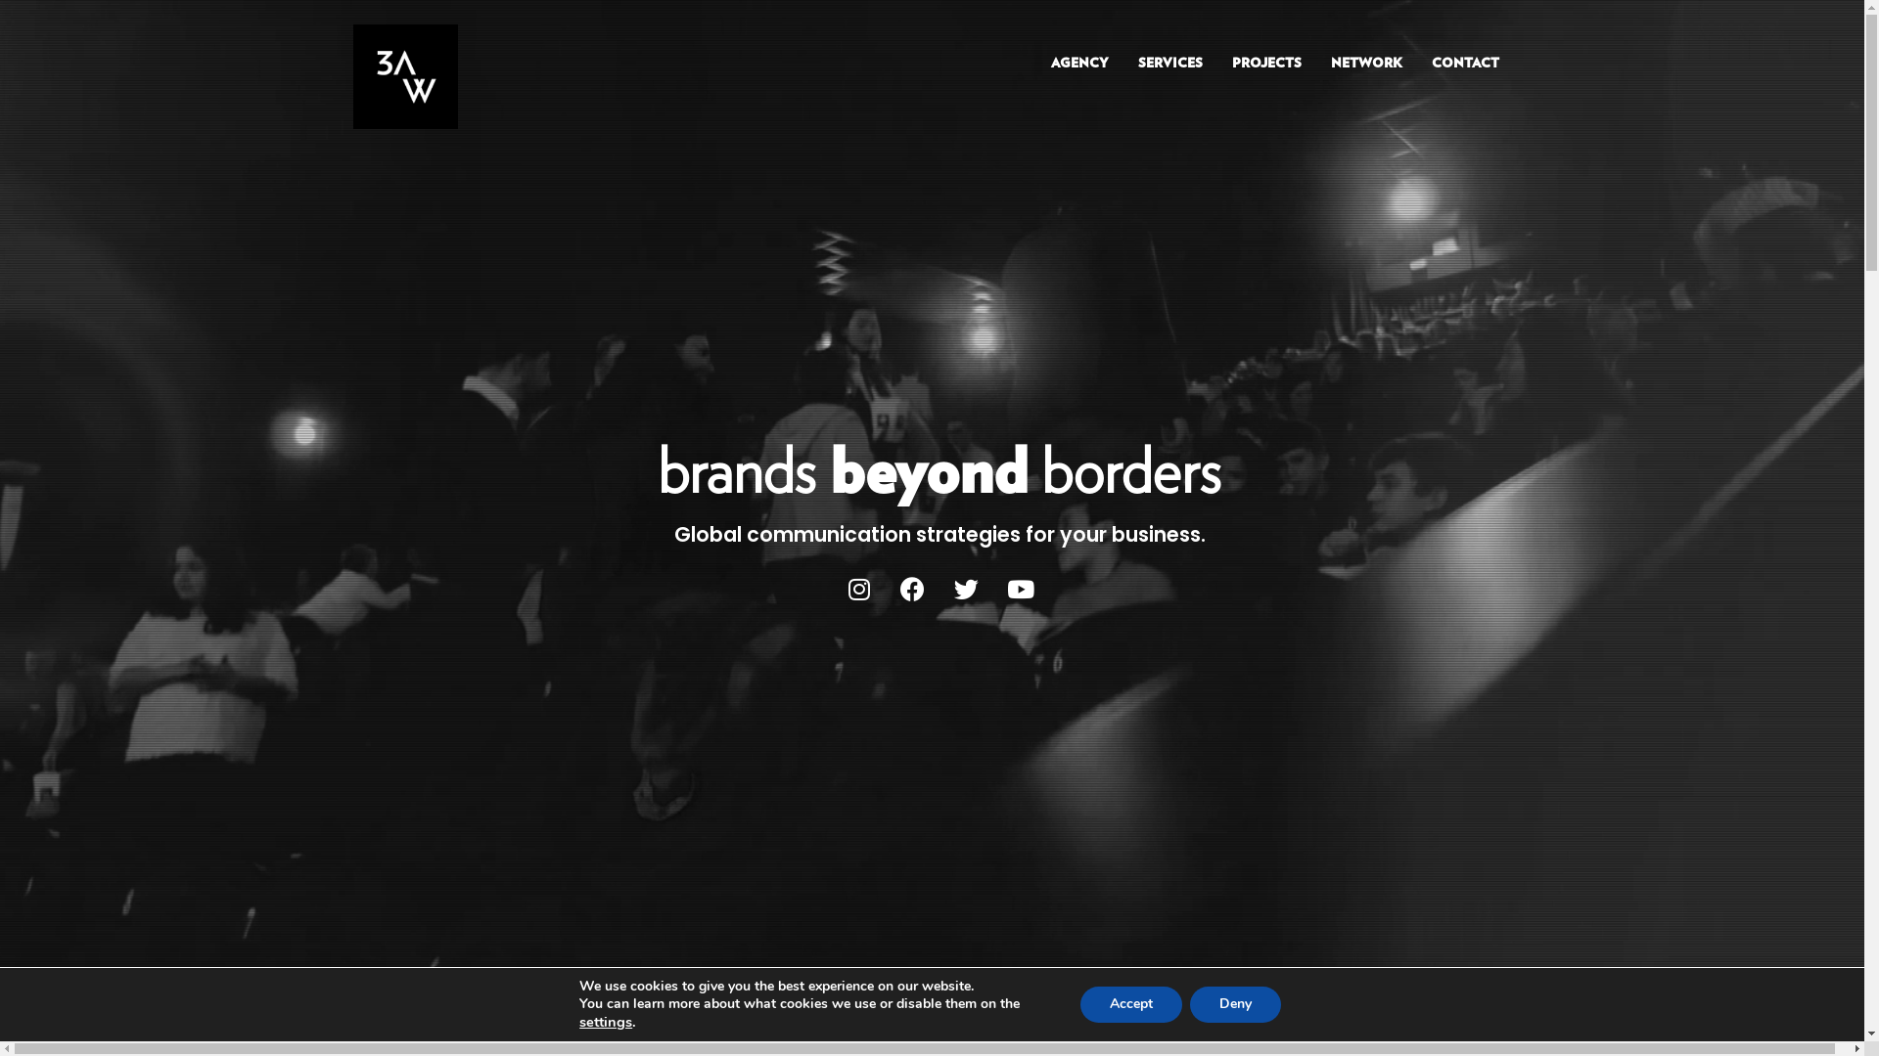 The width and height of the screenshot is (1879, 1056). What do you see at coordinates (1418, 63) in the screenshot?
I see `'CONTACT'` at bounding box center [1418, 63].